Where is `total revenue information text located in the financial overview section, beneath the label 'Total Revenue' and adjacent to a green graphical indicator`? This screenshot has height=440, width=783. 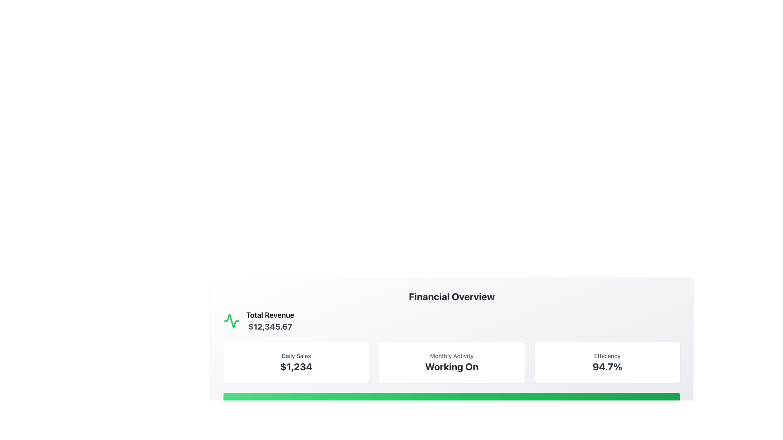 total revenue information text located in the financial overview section, beneath the label 'Total Revenue' and adjacent to a green graphical indicator is located at coordinates (270, 326).